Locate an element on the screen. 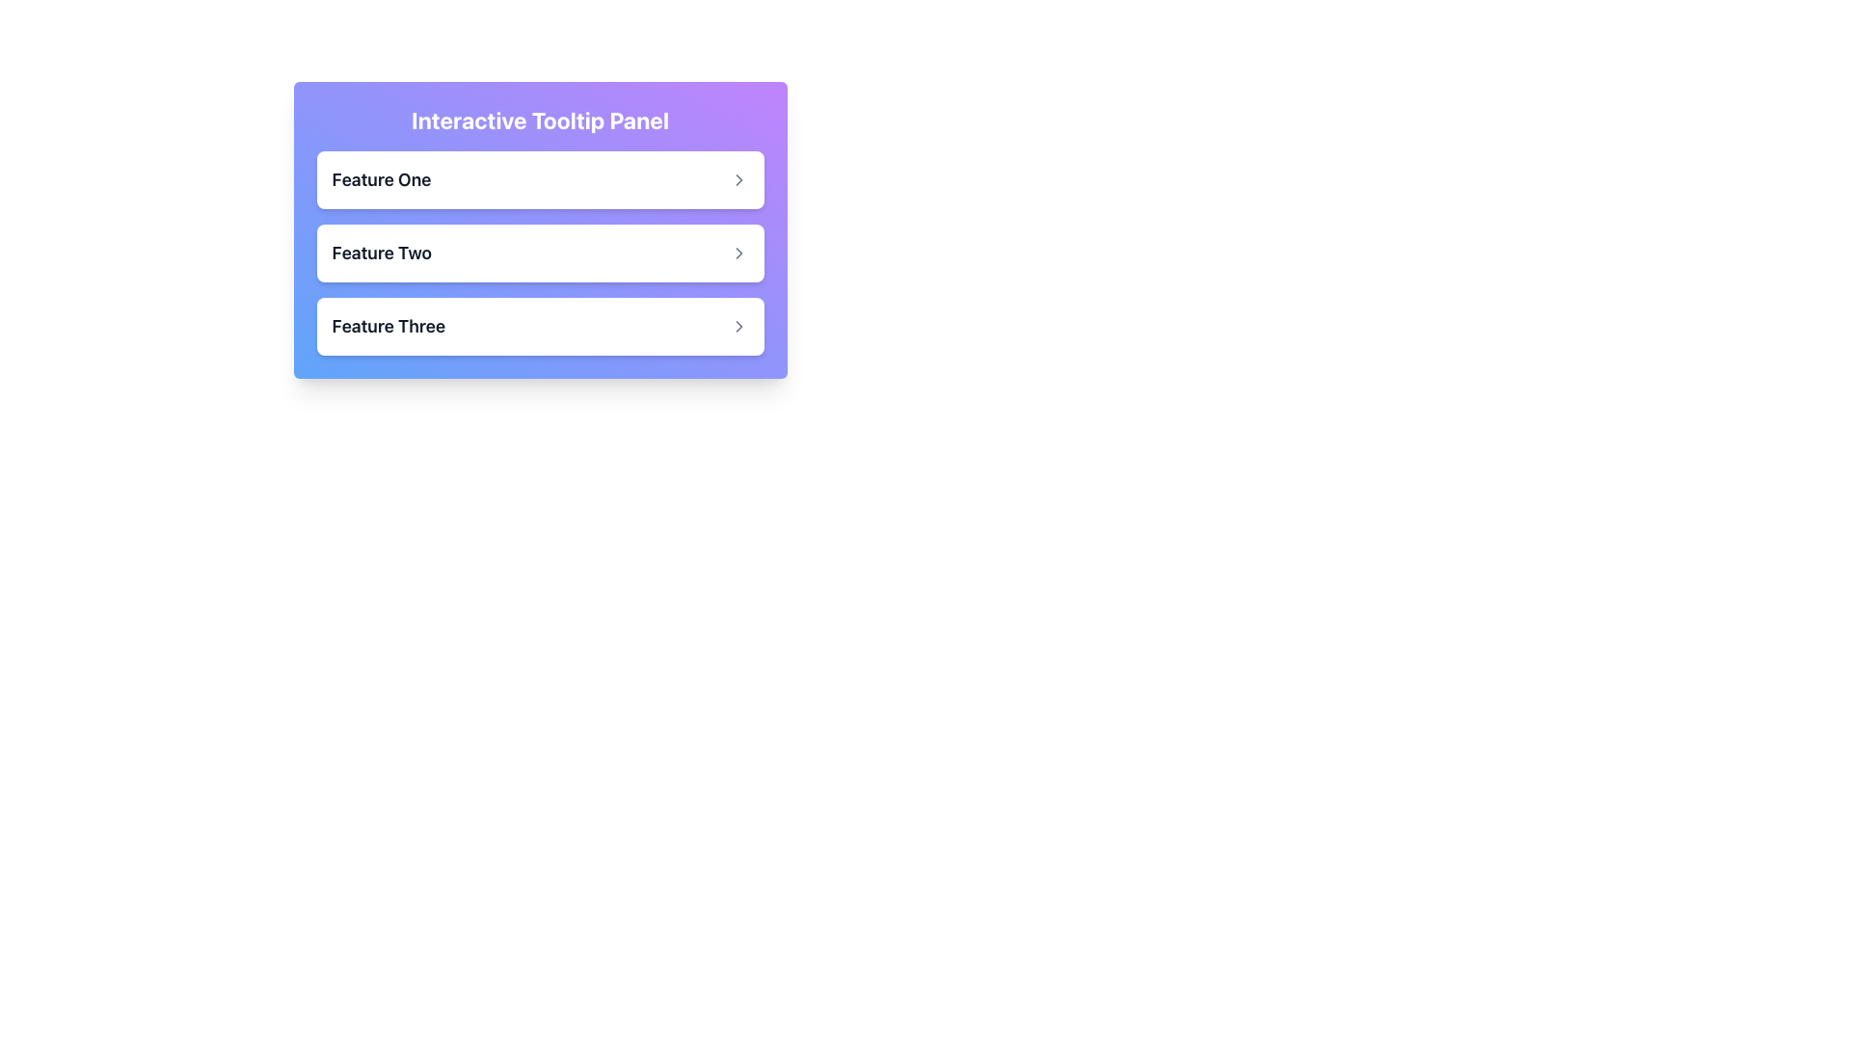  the first selectable list item labeled 'Feature One' in the 'Interactive Tooltip Panel' is located at coordinates (540, 179).